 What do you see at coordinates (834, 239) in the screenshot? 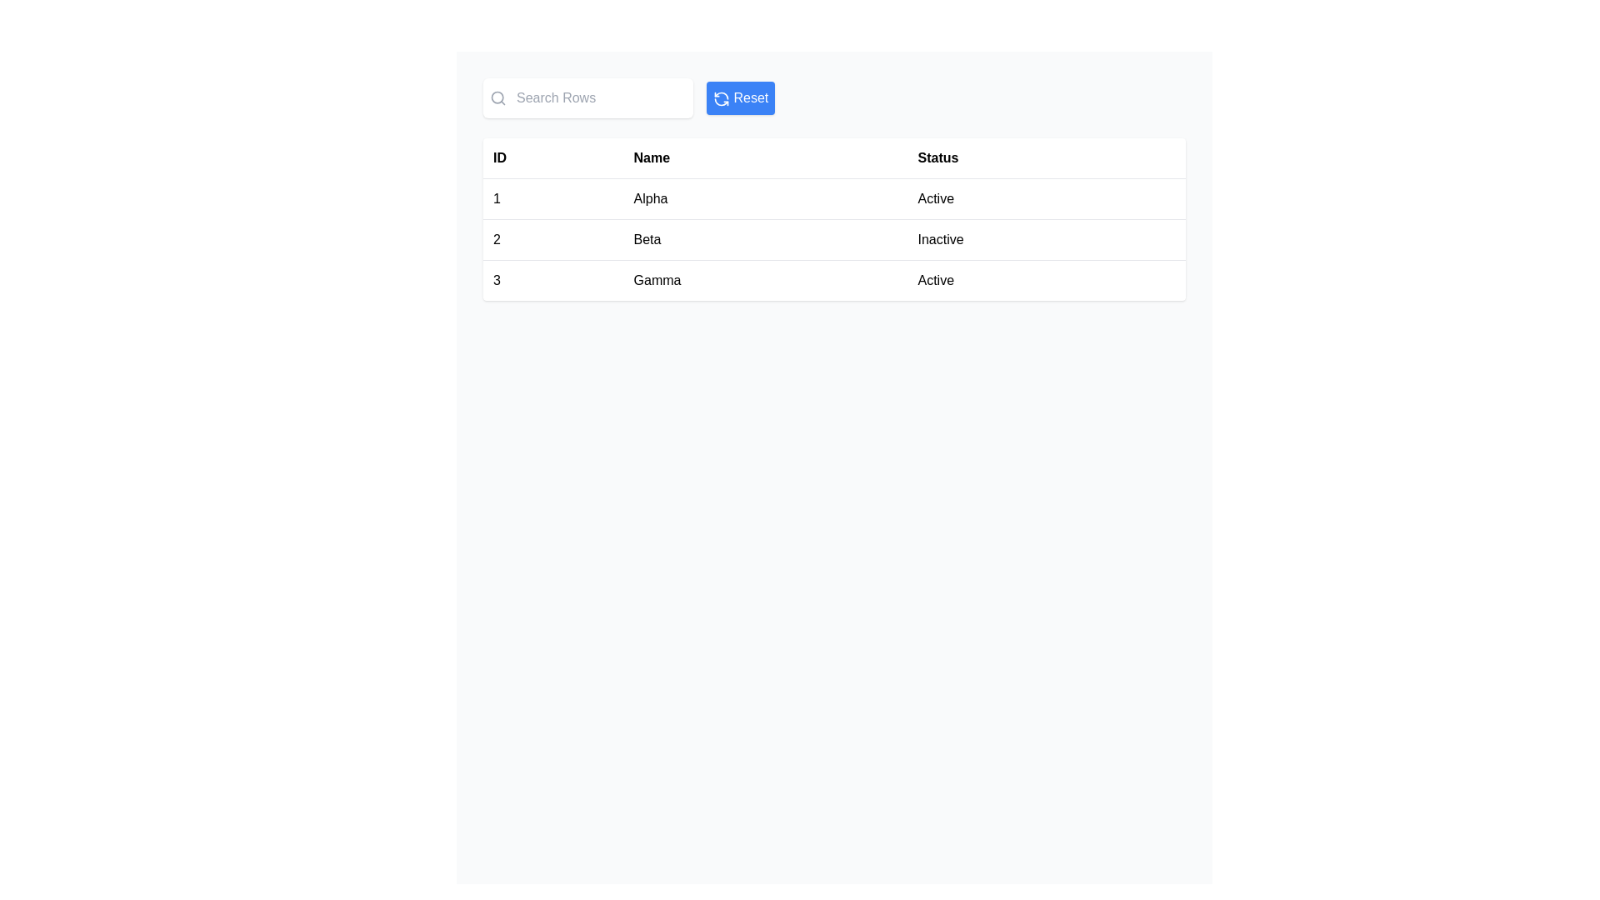
I see `the second row of the table, which contains ID, Name, and Status attributes` at bounding box center [834, 239].